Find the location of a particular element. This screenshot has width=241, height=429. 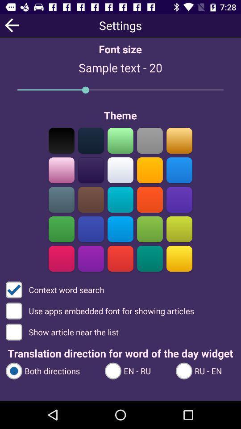

theme change is located at coordinates (120, 258).